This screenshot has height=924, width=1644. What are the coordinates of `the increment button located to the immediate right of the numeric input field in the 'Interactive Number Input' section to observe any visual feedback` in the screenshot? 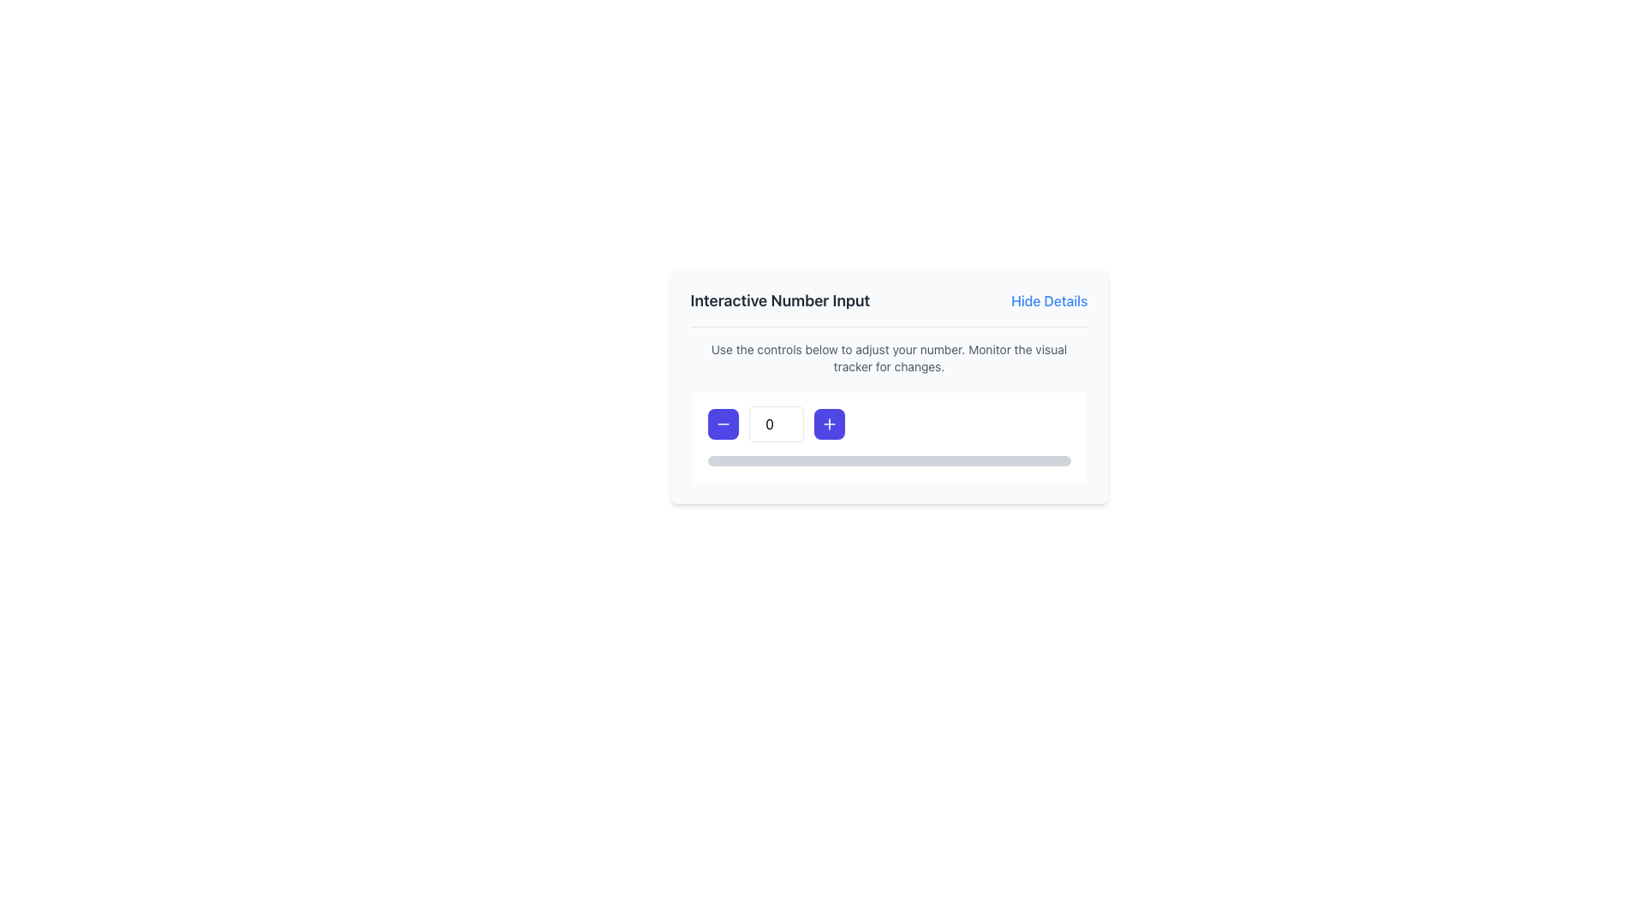 It's located at (829, 423).